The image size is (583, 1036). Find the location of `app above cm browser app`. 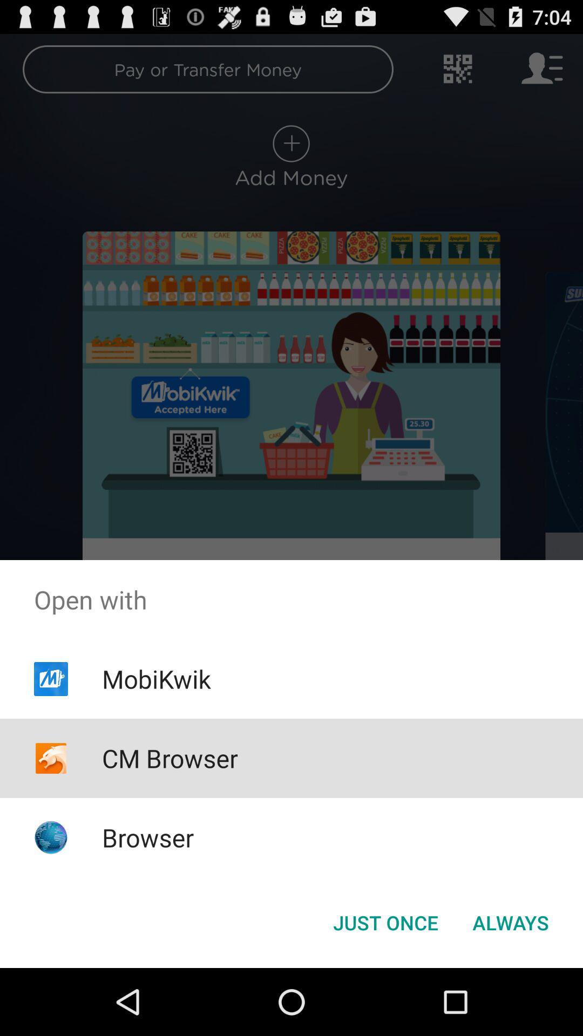

app above cm browser app is located at coordinates (156, 678).